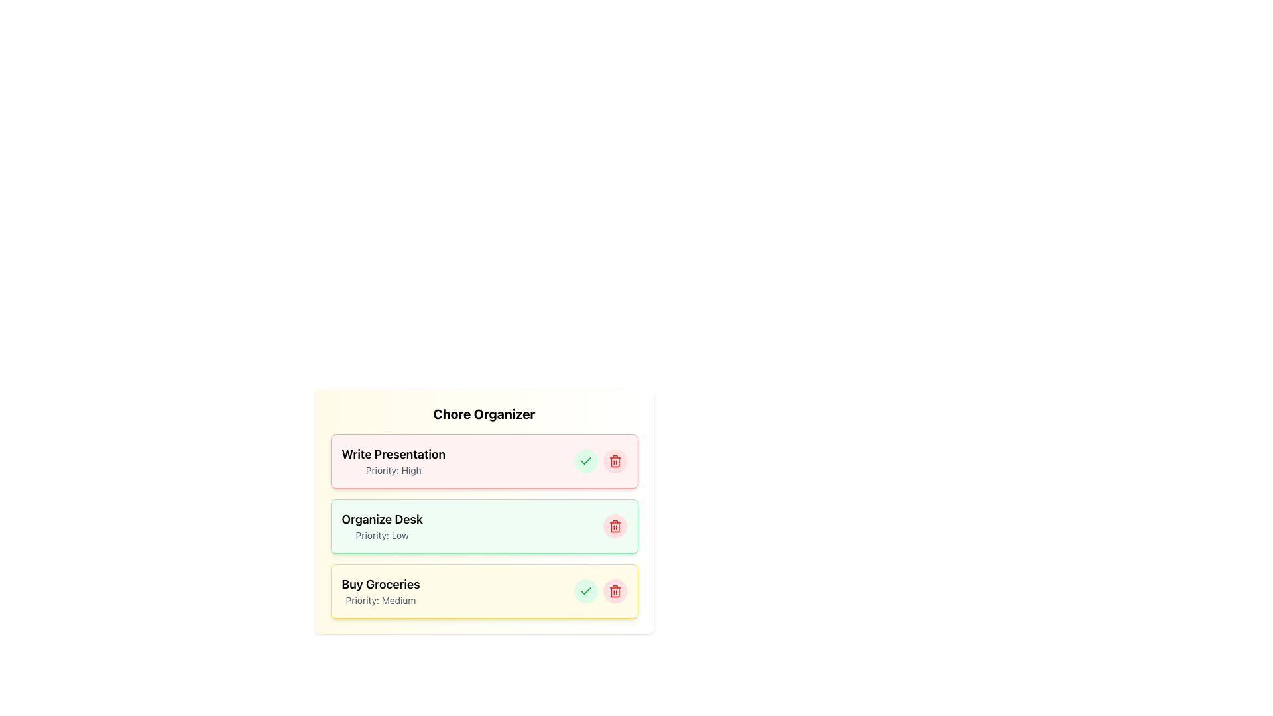 The height and width of the screenshot is (716, 1273). I want to click on the circular red delete button with a trash can icon, so click(614, 460).